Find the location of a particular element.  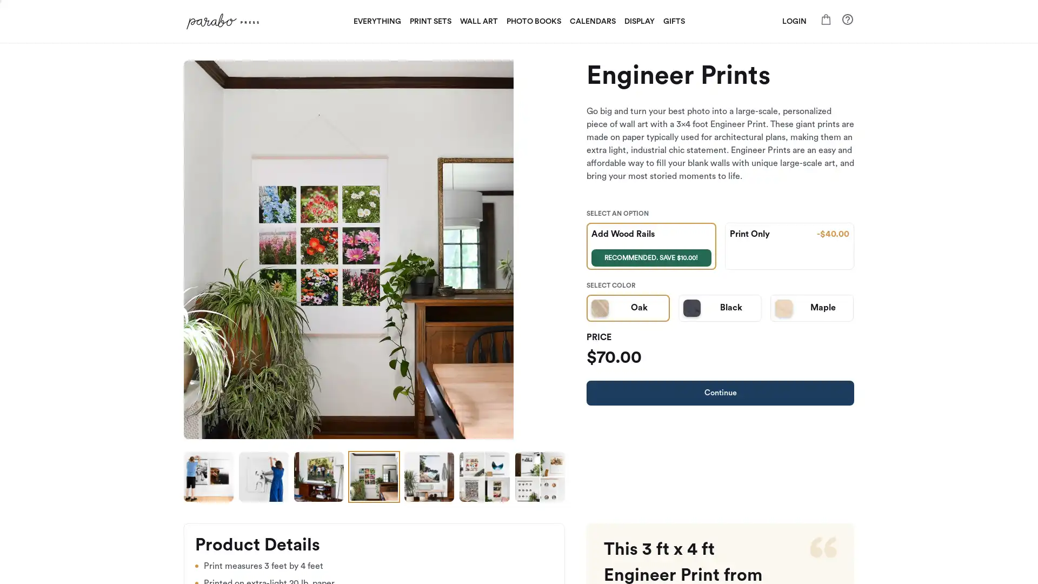

Continue is located at coordinates (720, 393).